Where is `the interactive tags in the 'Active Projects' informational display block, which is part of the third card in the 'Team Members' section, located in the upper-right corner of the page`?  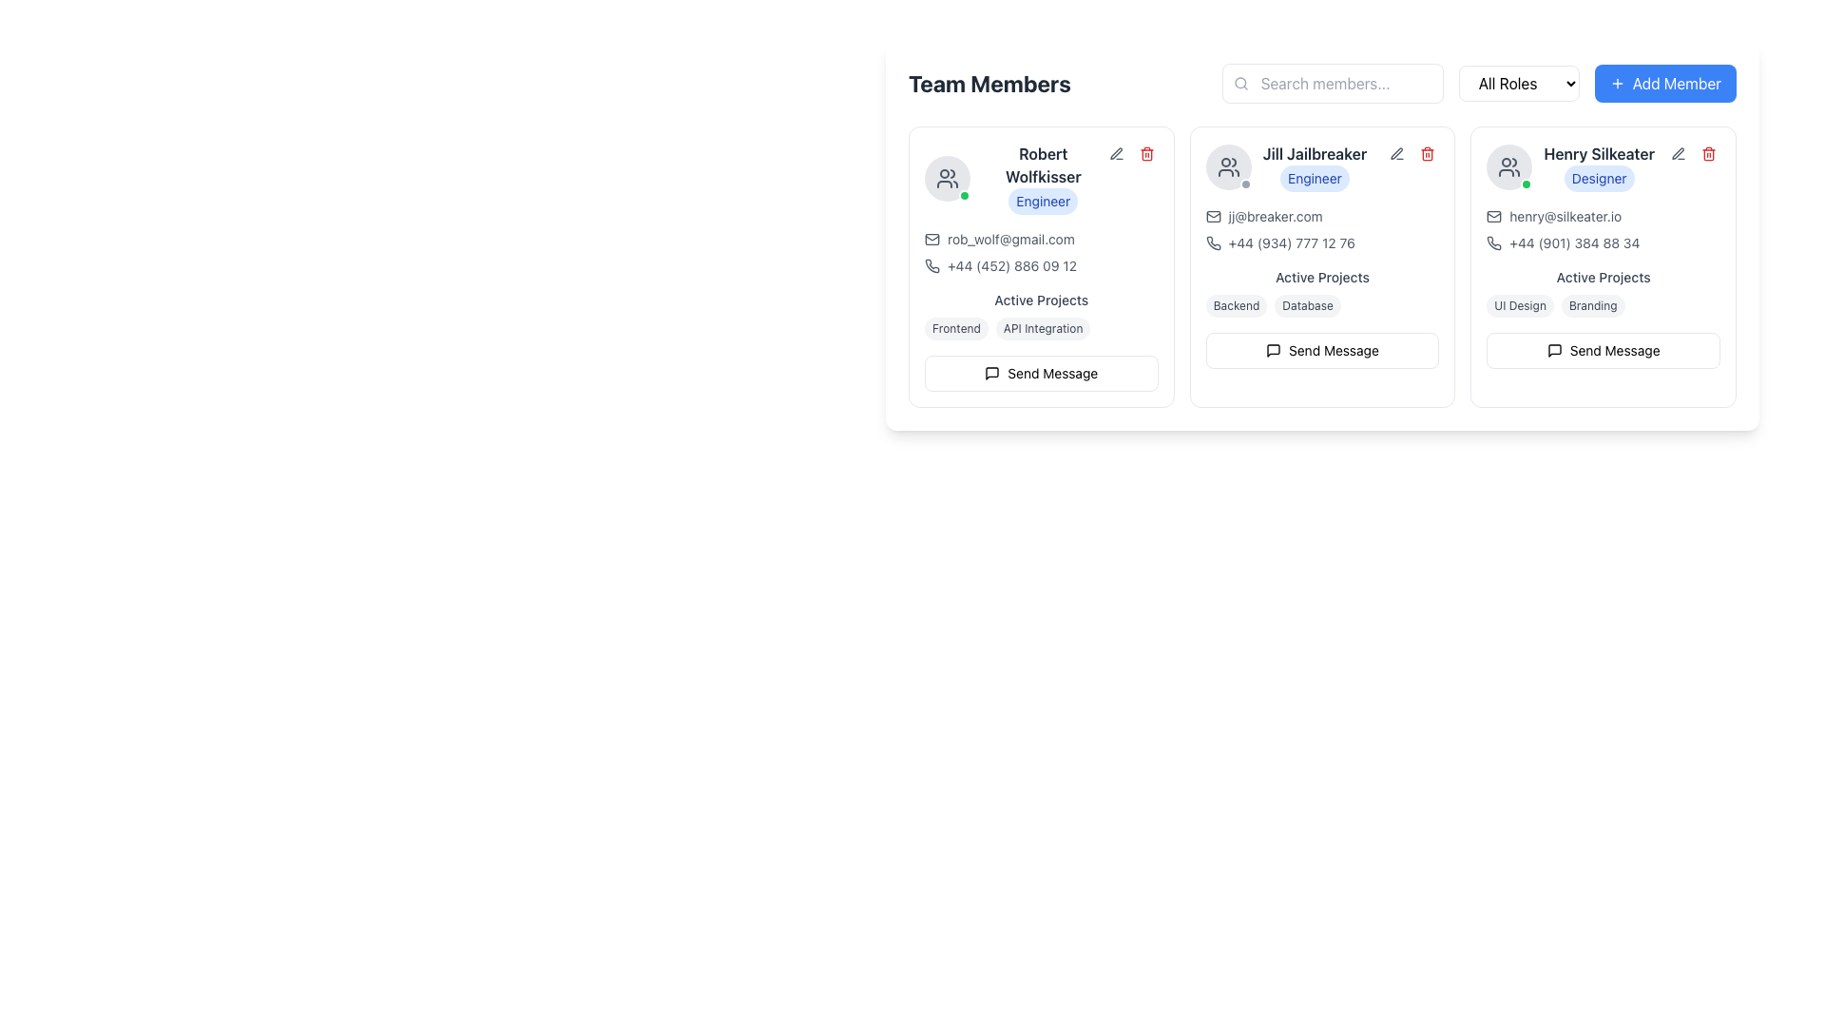
the interactive tags in the 'Active Projects' informational display block, which is part of the third card in the 'Team Members' section, located in the upper-right corner of the page is located at coordinates (1603, 293).